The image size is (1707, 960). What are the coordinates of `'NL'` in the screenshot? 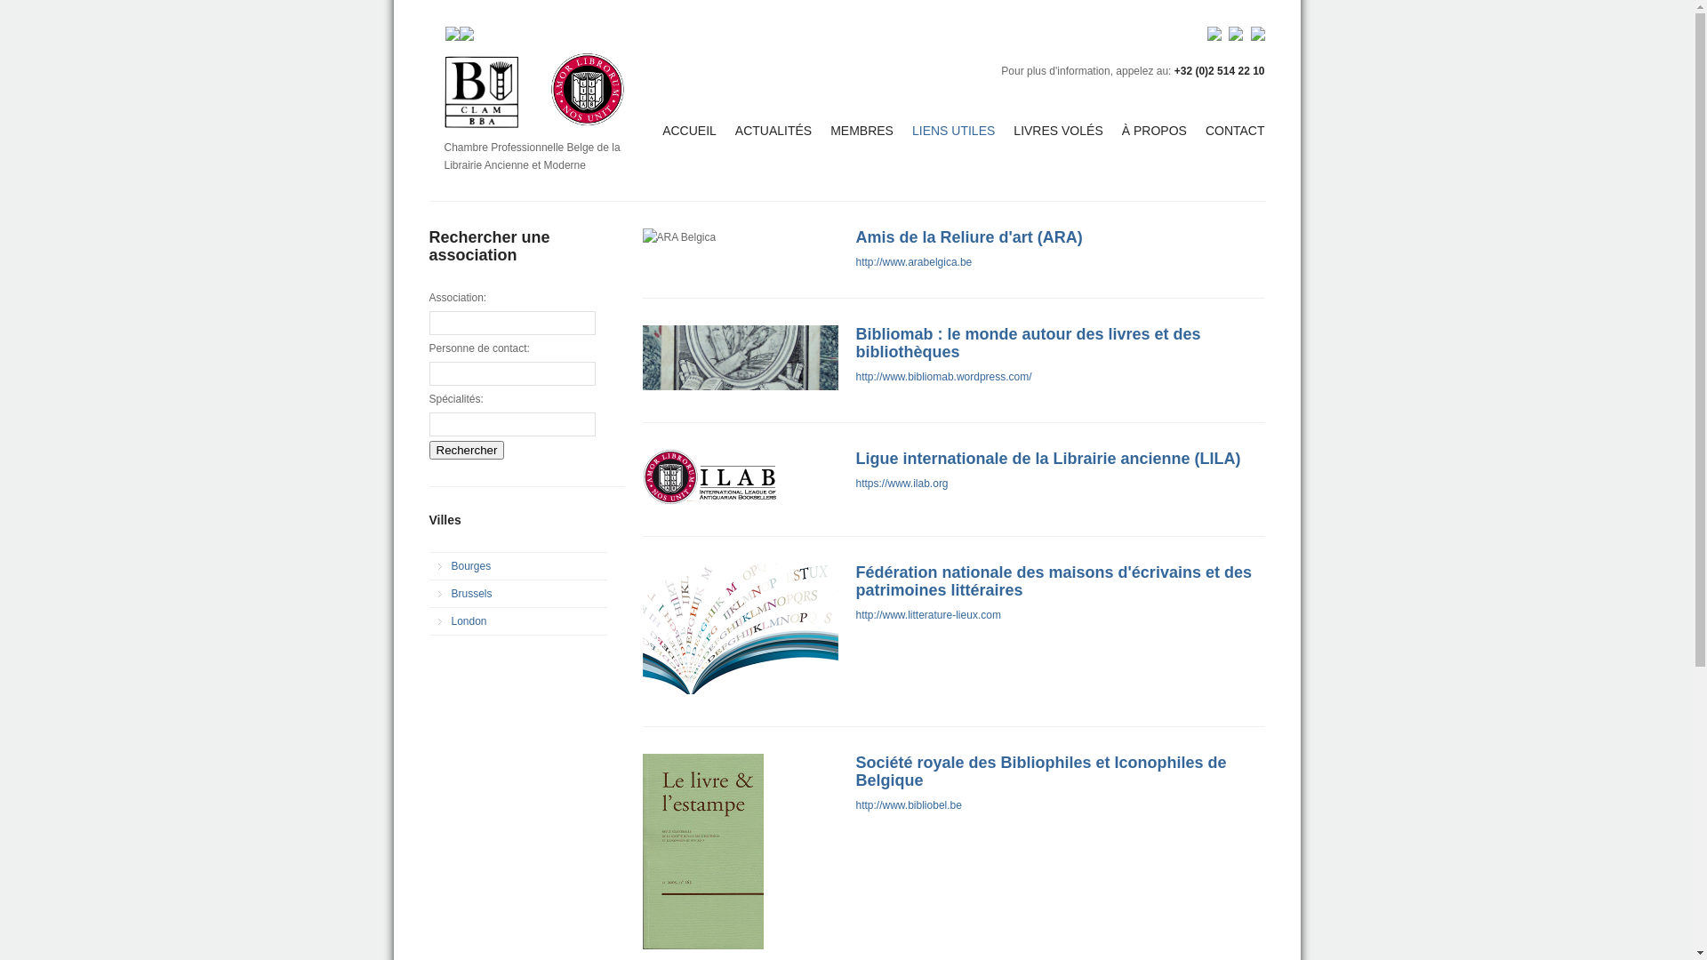 It's located at (1236, 37).